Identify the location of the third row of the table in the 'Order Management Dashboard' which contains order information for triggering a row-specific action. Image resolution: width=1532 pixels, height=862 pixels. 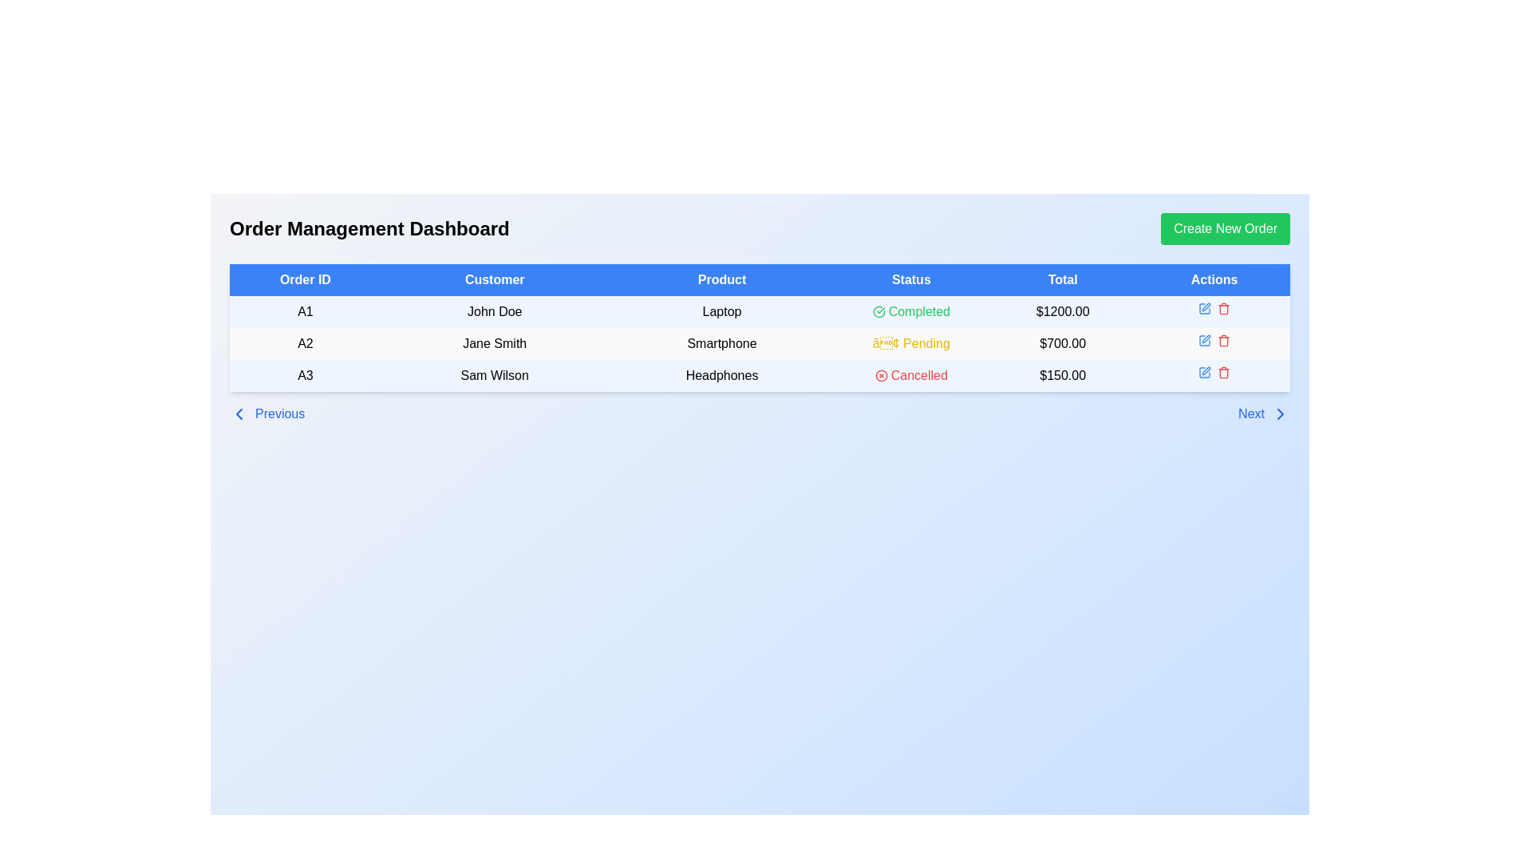
(759, 375).